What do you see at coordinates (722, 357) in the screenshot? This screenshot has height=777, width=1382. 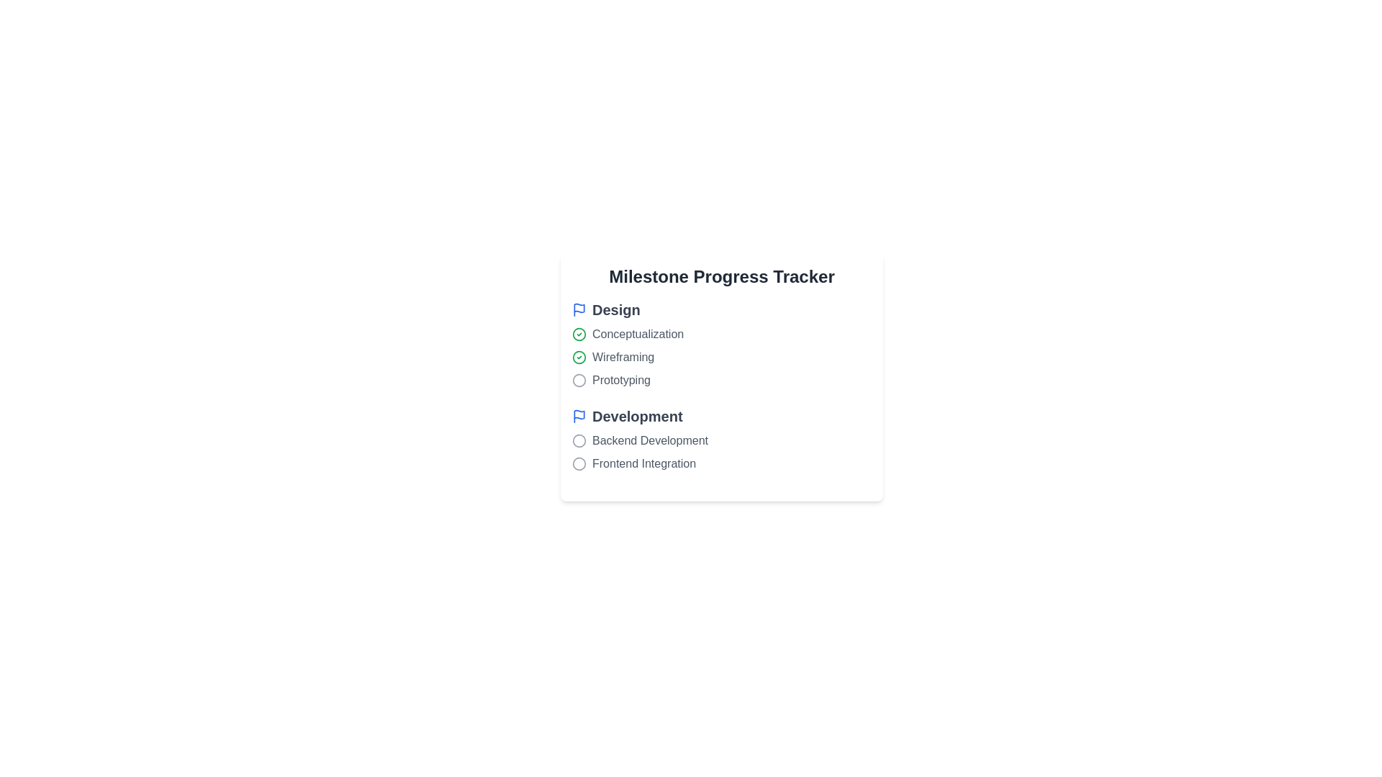 I see `the progress indicators in the vertical list displaying 'Conceptualization', 'Wireframing', and 'Prototyping' under the 'Design' section of the progress tracker interface` at bounding box center [722, 357].